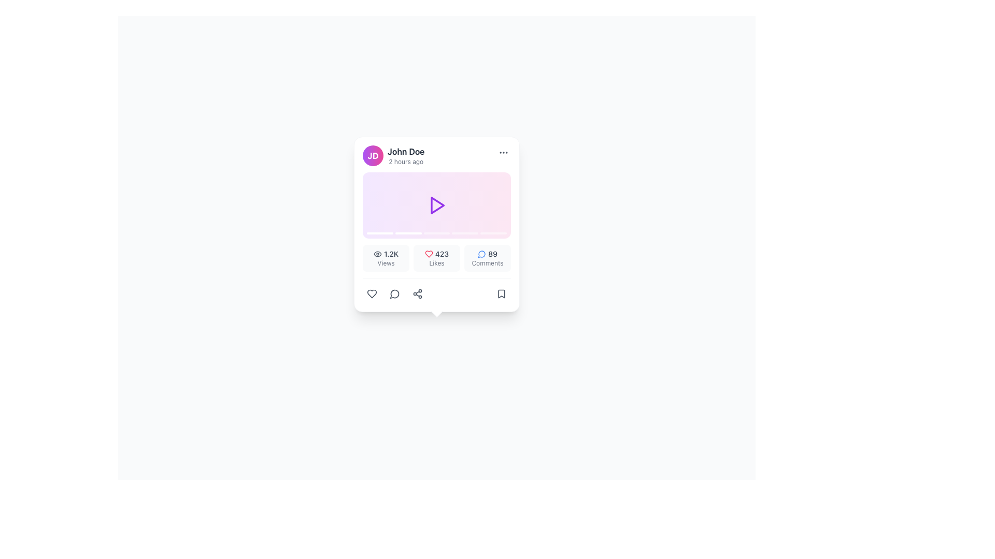 Image resolution: width=995 pixels, height=559 pixels. Describe the element at coordinates (377, 254) in the screenshot. I see `the eye icon element indicating views (1.2K) for accessibility purposes` at that location.